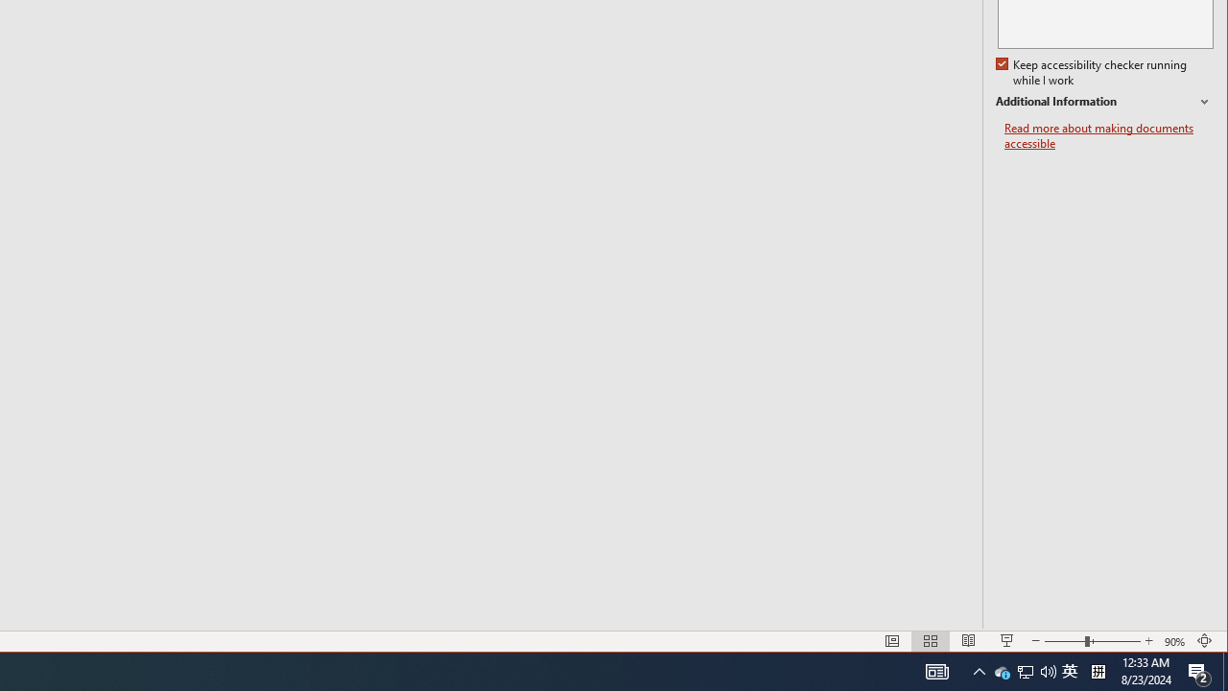  I want to click on 'Zoom 90%', so click(1174, 641).